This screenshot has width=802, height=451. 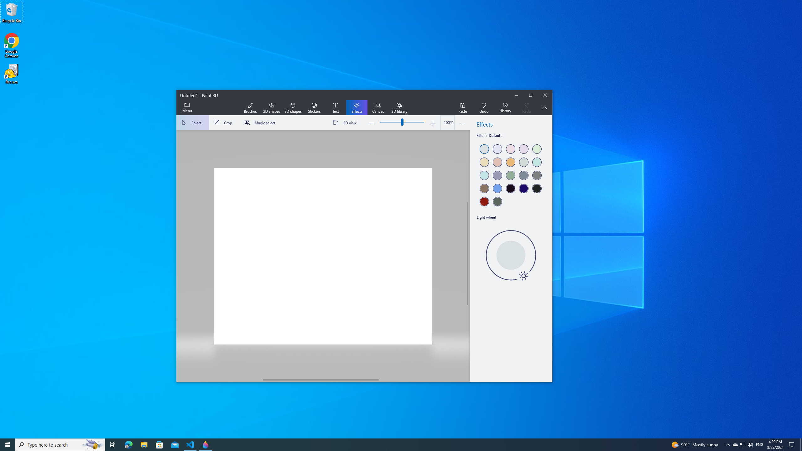 What do you see at coordinates (759, 444) in the screenshot?
I see `'Tray Input Indicator - English (United States)'` at bounding box center [759, 444].